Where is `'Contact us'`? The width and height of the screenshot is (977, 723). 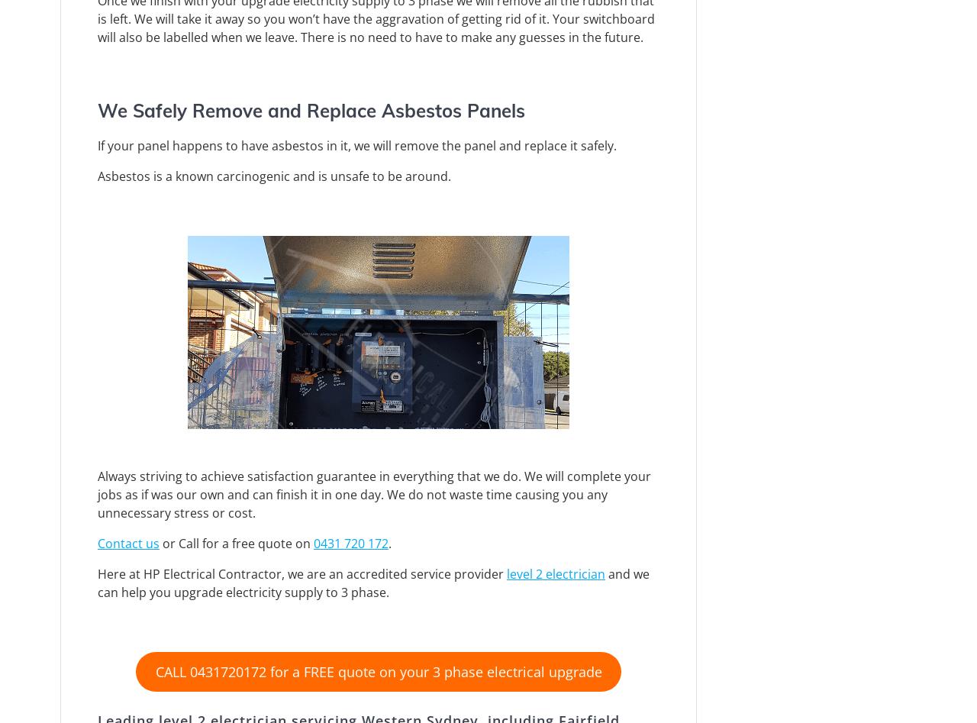
'Contact us' is located at coordinates (128, 542).